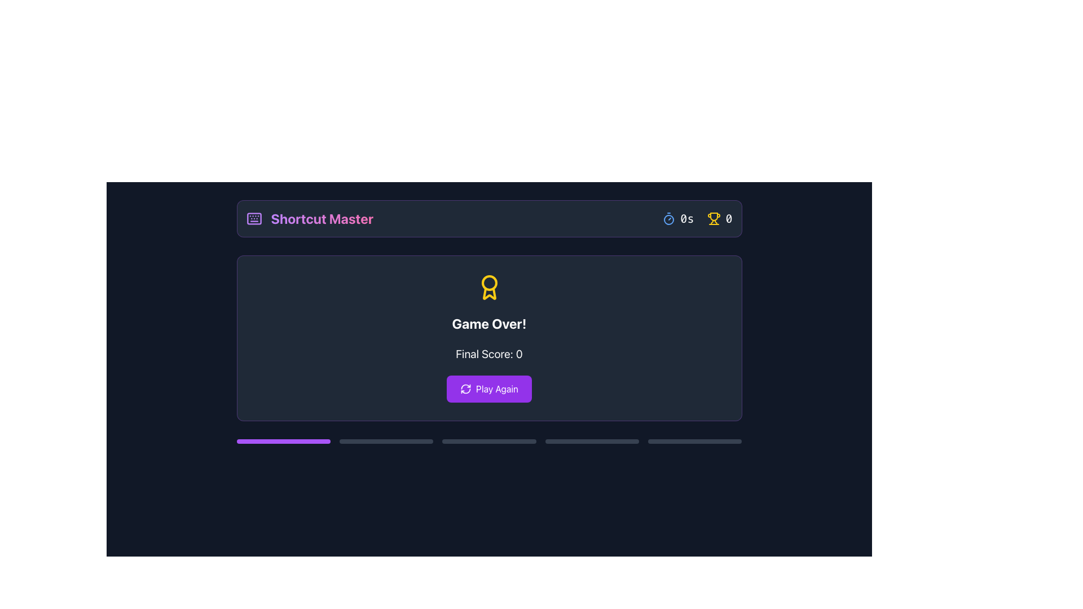 This screenshot has width=1083, height=609. What do you see at coordinates (386, 441) in the screenshot?
I see `the second progress indicator bar, which is a thin, horizontally extended bar with a dark gray color, located beneath the scores and options section` at bounding box center [386, 441].